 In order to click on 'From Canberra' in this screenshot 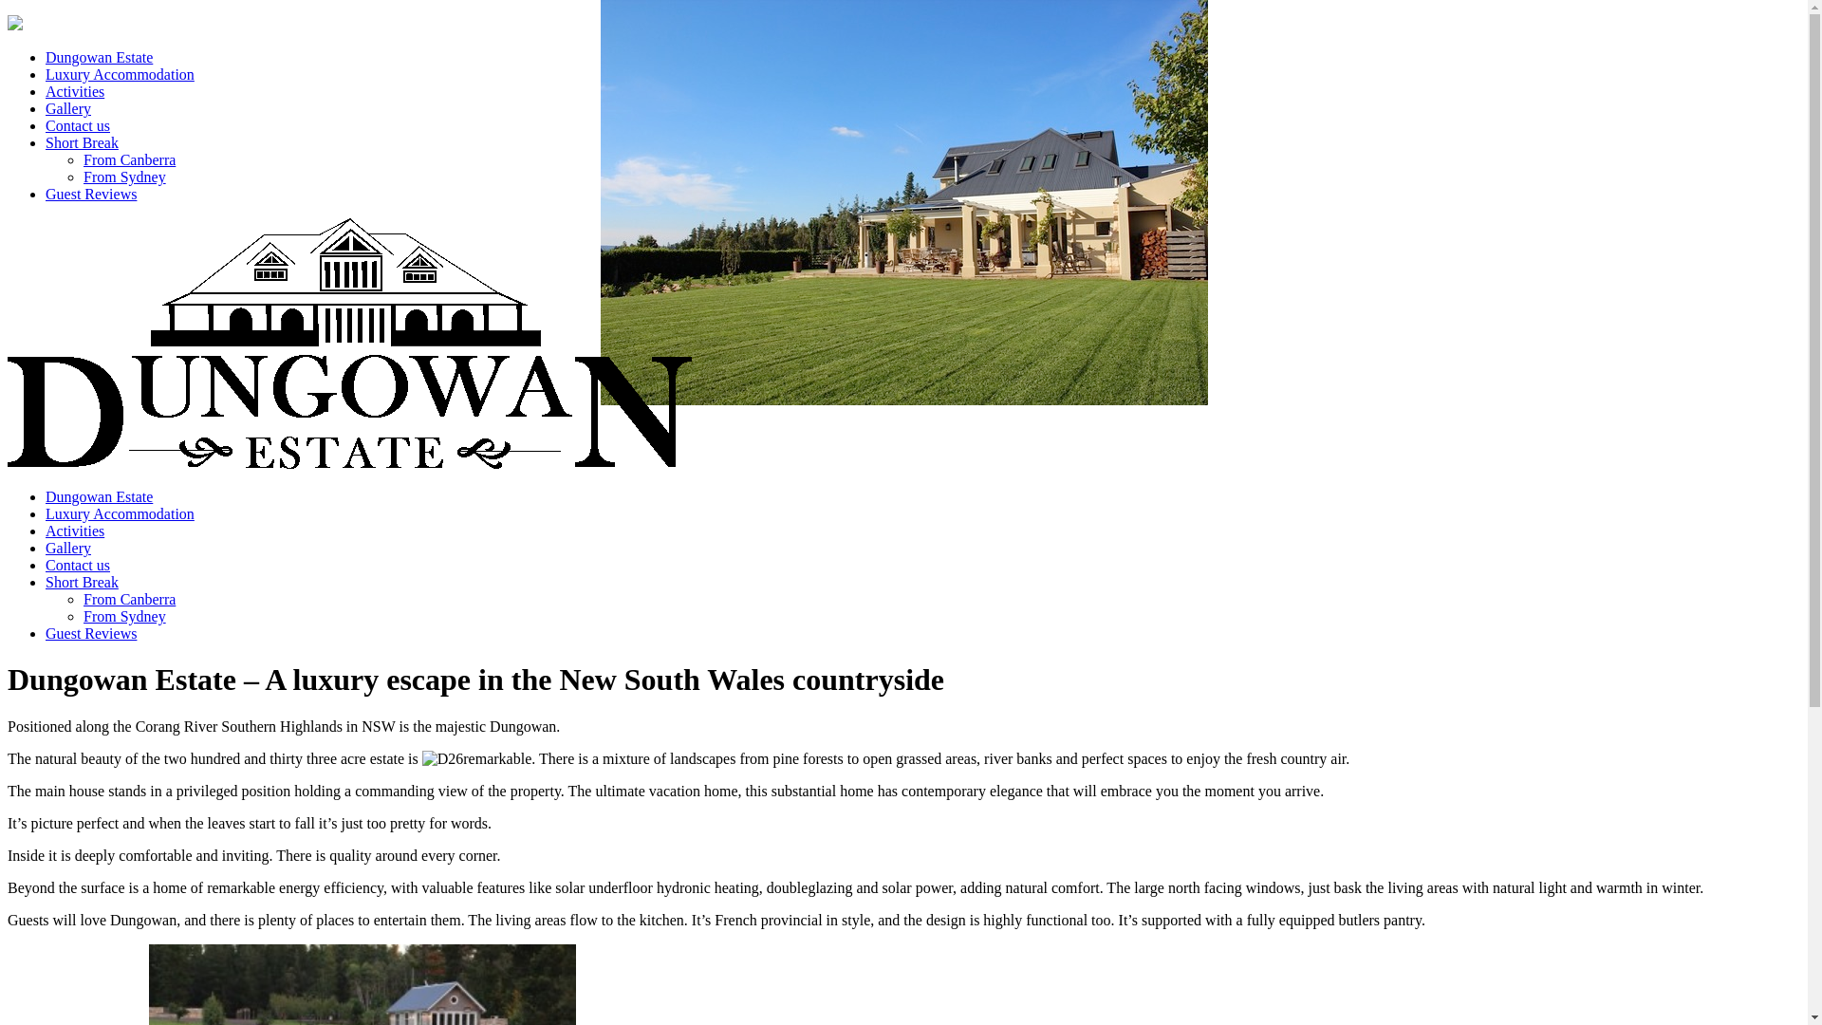, I will do `click(128, 158)`.